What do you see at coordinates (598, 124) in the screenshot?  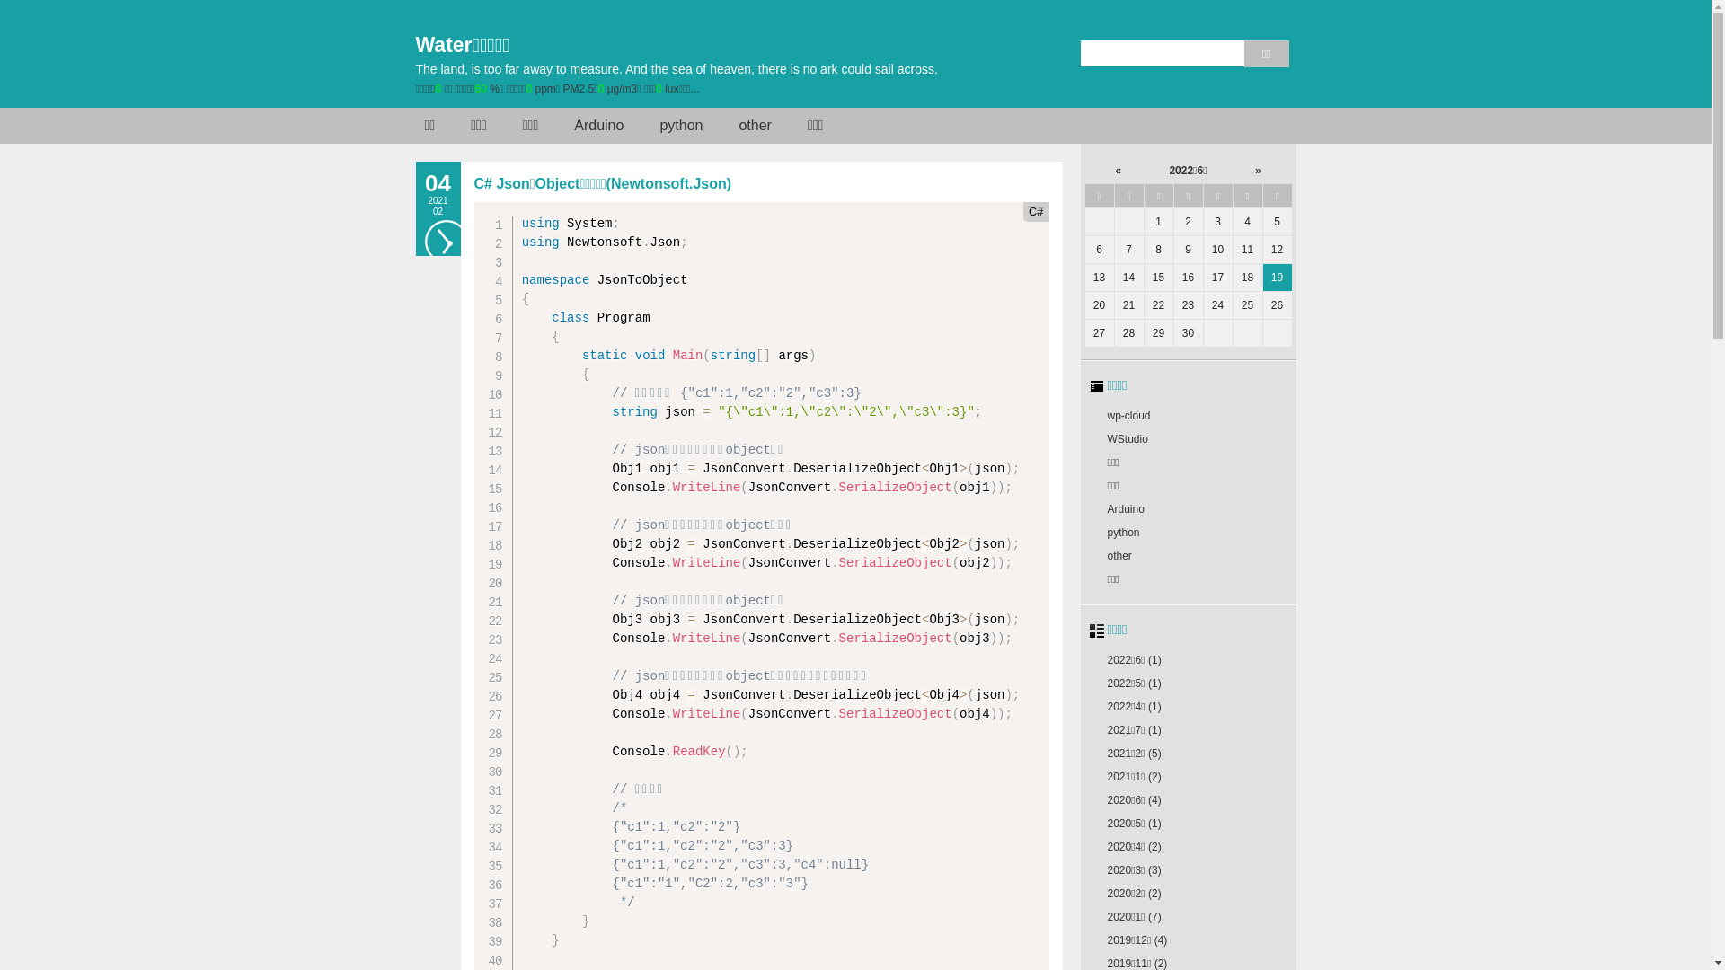 I see `'Arduino'` at bounding box center [598, 124].